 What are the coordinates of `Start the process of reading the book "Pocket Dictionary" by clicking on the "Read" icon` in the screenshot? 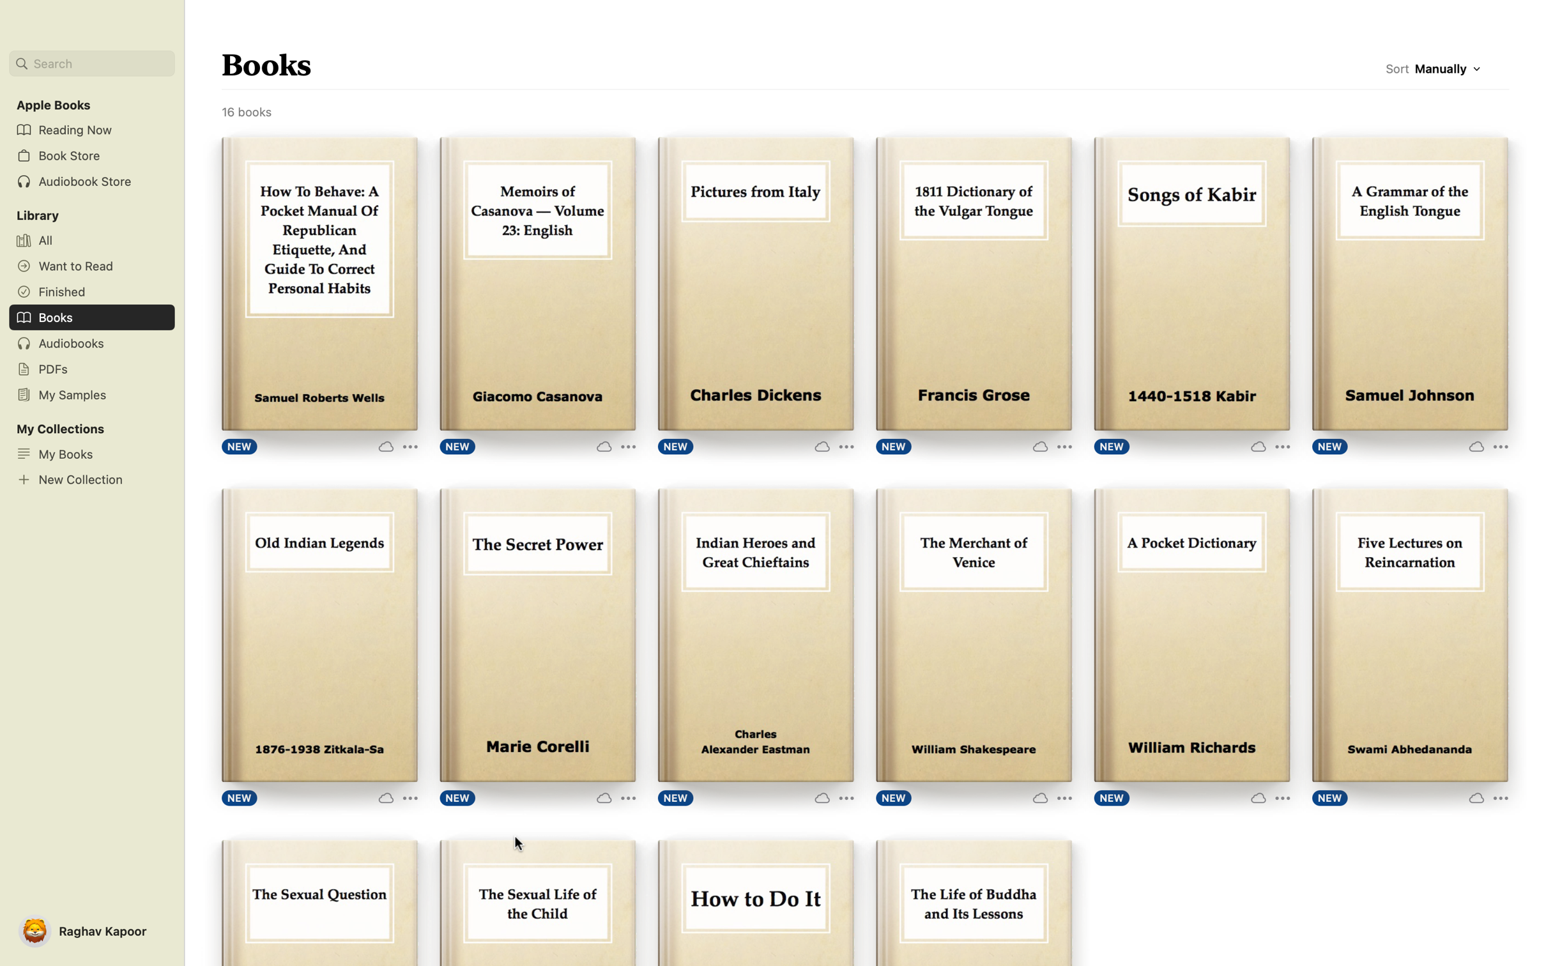 It's located at (1191, 633).